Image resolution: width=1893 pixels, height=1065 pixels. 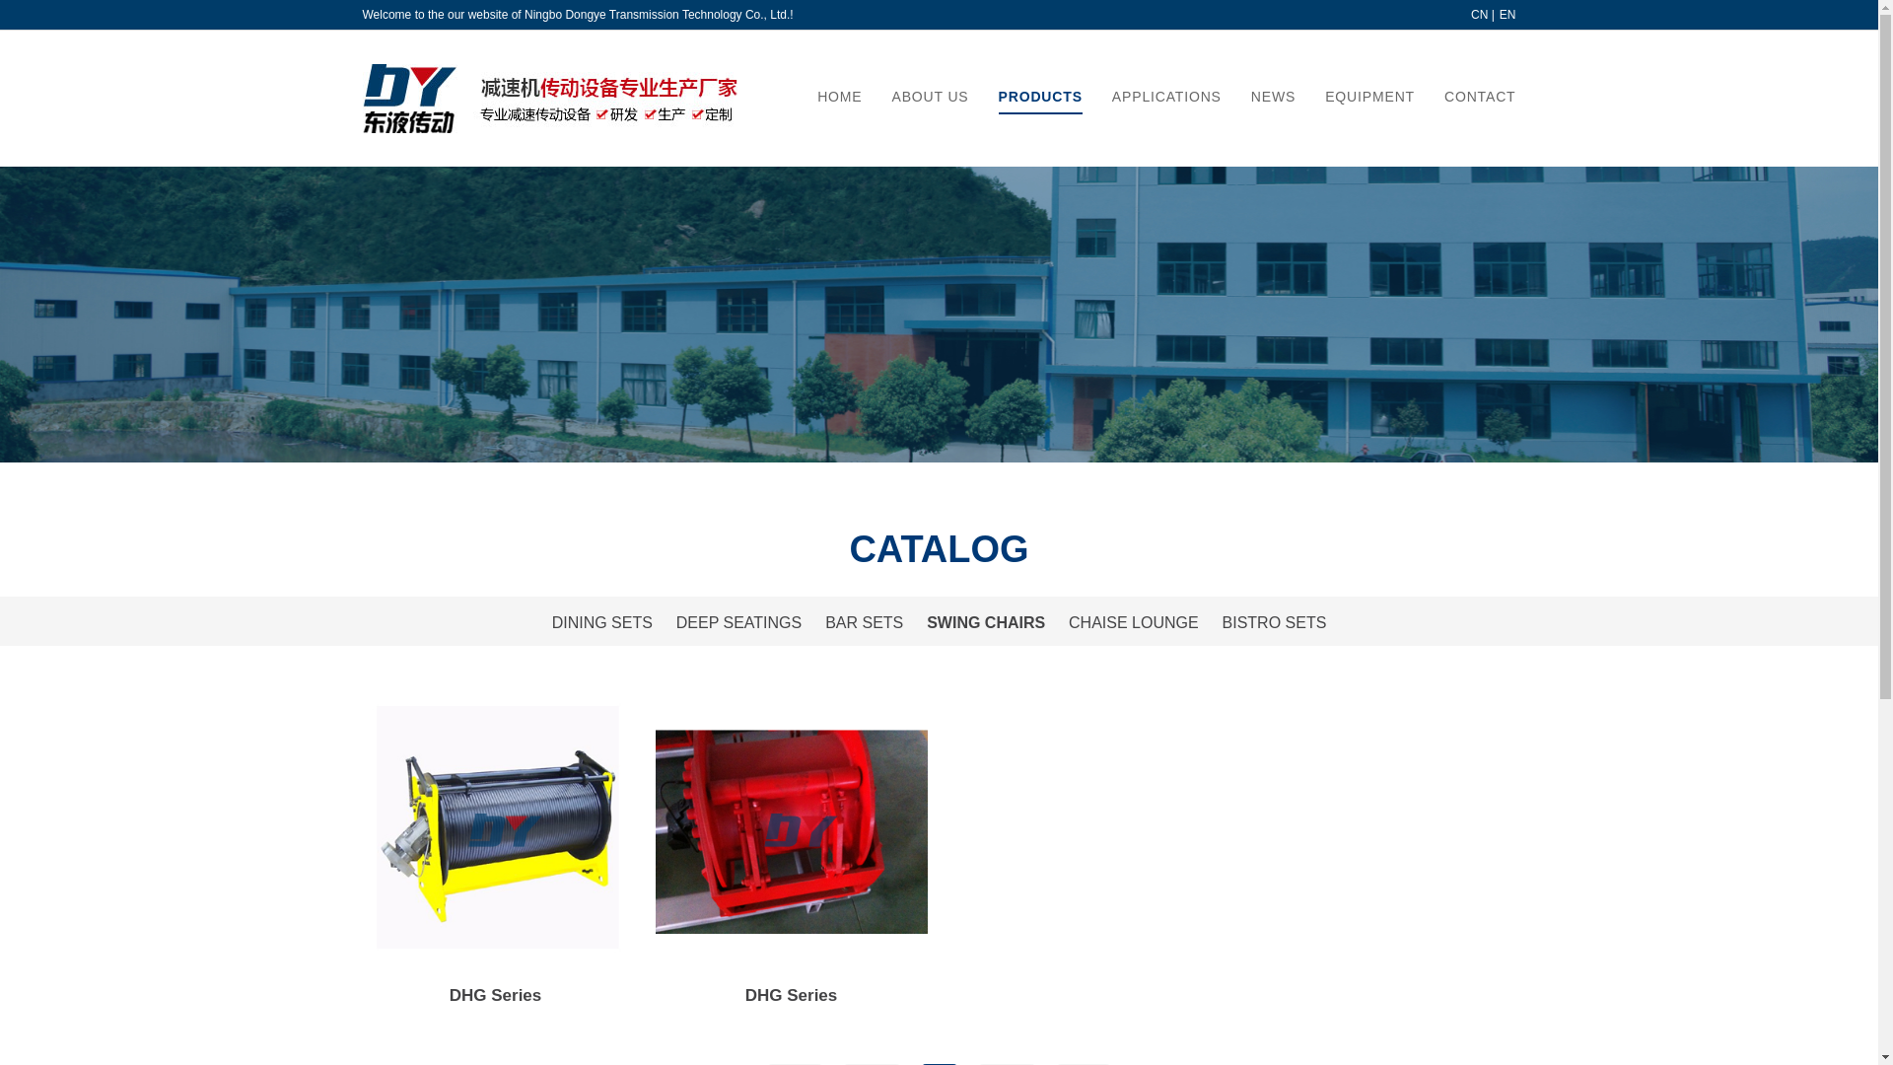 I want to click on 'ABOUT US', so click(x=891, y=96).